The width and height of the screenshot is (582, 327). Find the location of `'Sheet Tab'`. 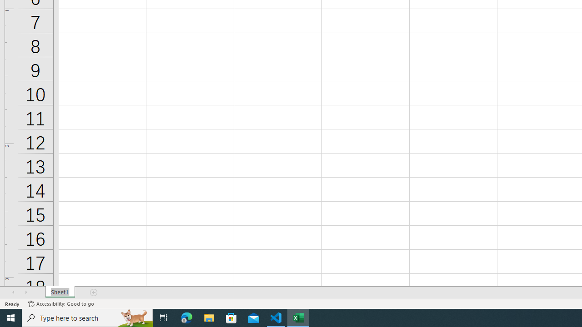

'Sheet Tab' is located at coordinates (60, 292).